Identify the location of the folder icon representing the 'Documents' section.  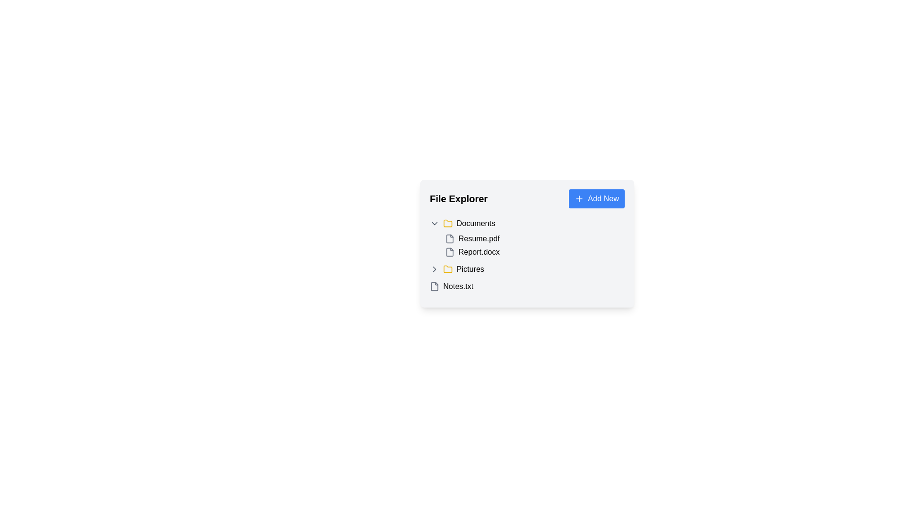
(447, 224).